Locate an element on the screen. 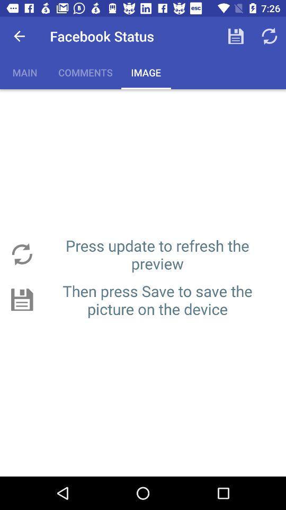 The height and width of the screenshot is (510, 286). icon next to the facebook status icon is located at coordinates (19, 36).